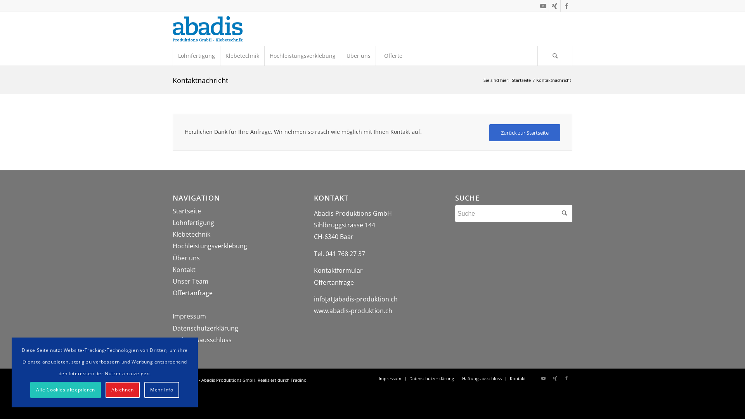 This screenshot has height=419, width=745. I want to click on 'Ablehnen', so click(122, 390).